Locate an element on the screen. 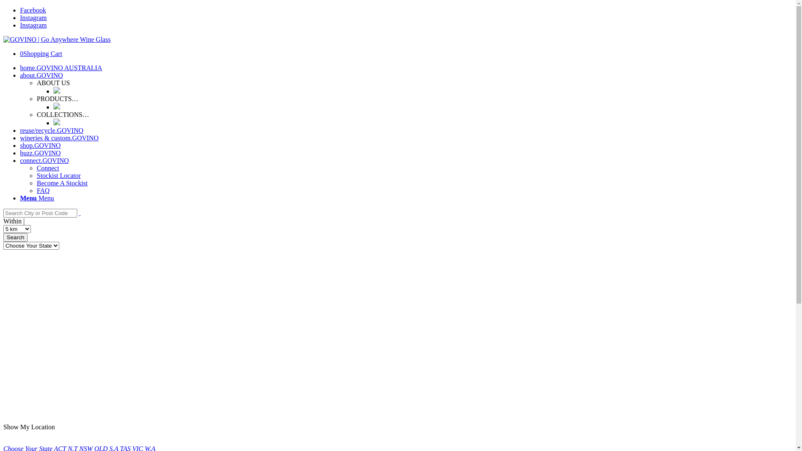 The height and width of the screenshot is (451, 802). '0Shopping Cart' is located at coordinates (41, 53).